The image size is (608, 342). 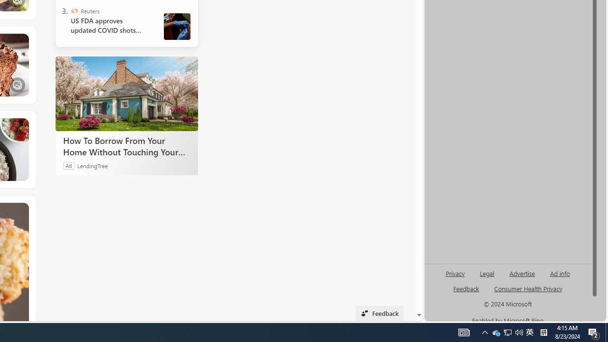 What do you see at coordinates (466, 288) in the screenshot?
I see `'AutomationID: sb_feedback'` at bounding box center [466, 288].